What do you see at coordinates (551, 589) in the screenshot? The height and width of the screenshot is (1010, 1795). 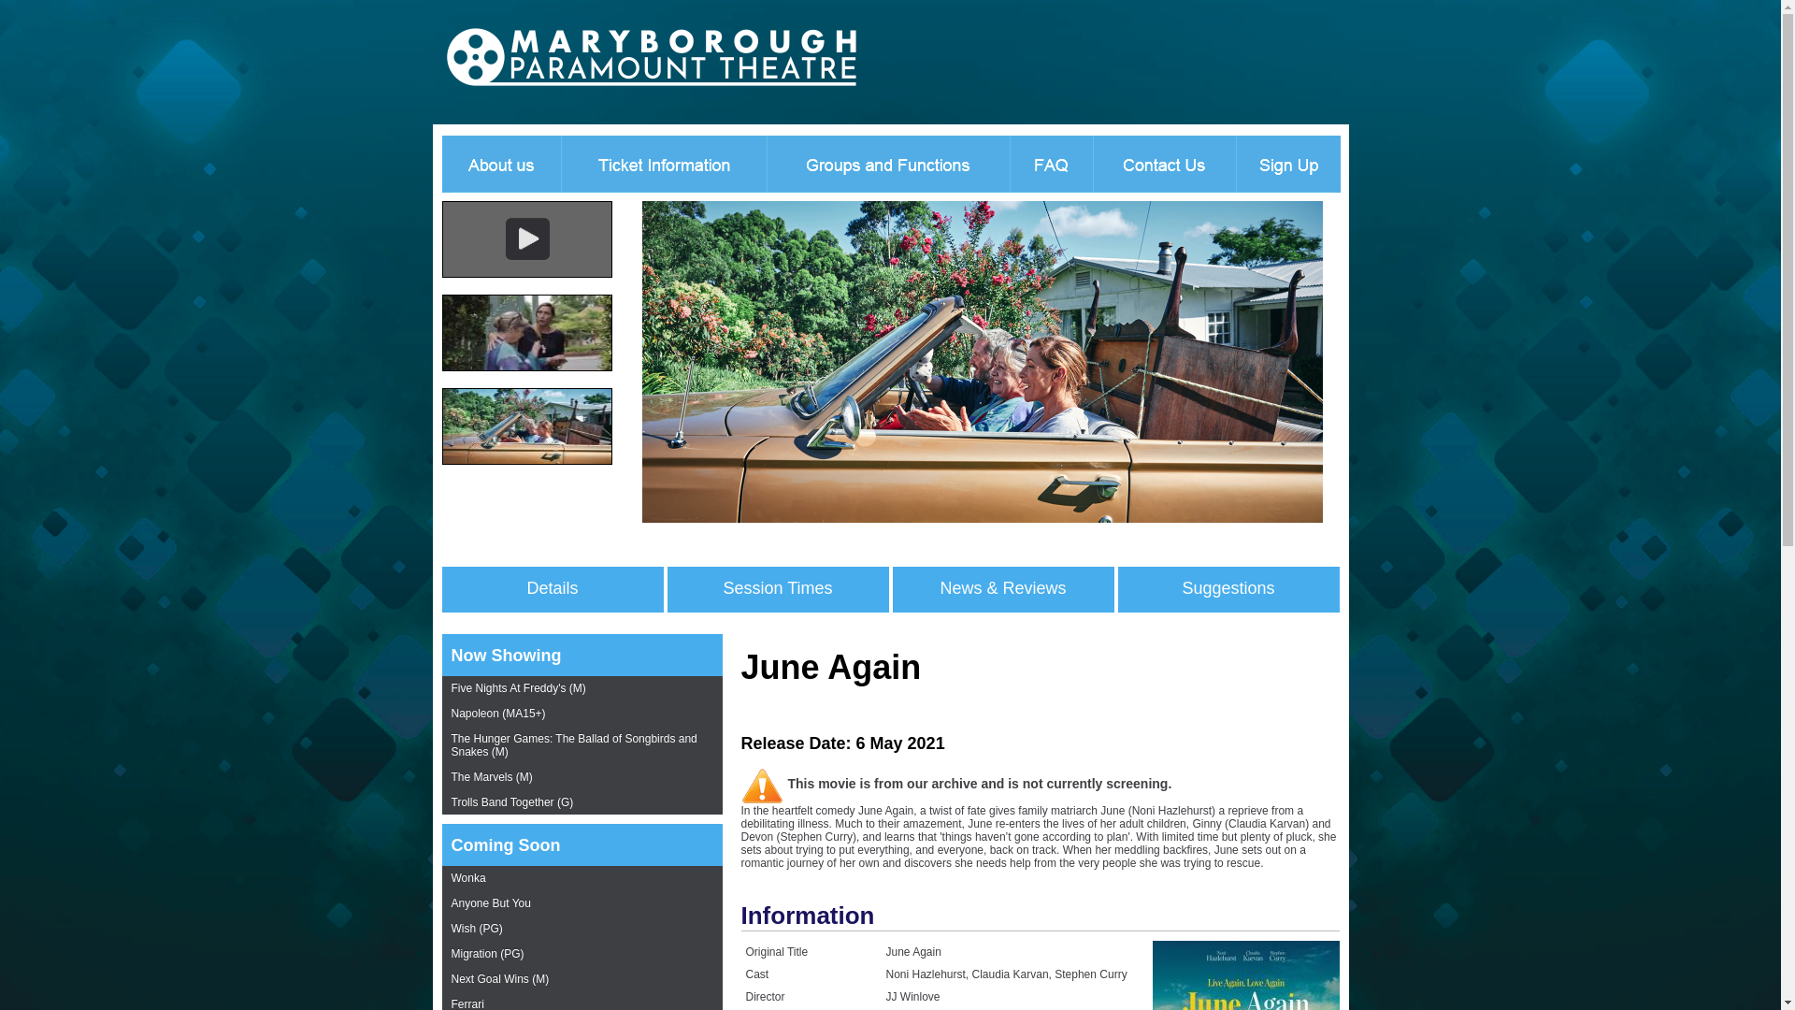 I see `'Details'` at bounding box center [551, 589].